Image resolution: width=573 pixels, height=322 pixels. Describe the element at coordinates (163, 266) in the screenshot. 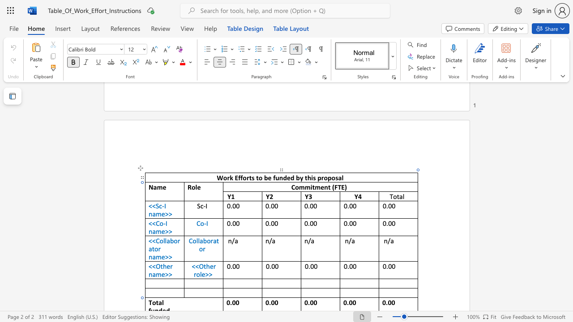

I see `the space between the continuous character "t" and "h" in the text` at that location.